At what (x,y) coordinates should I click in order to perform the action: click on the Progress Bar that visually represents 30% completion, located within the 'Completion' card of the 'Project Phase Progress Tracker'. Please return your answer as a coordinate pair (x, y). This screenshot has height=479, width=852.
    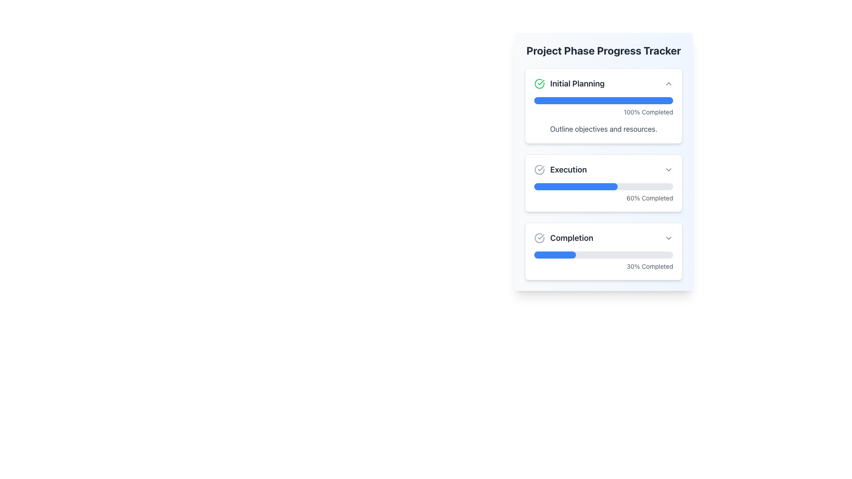
    Looking at the image, I should click on (603, 255).